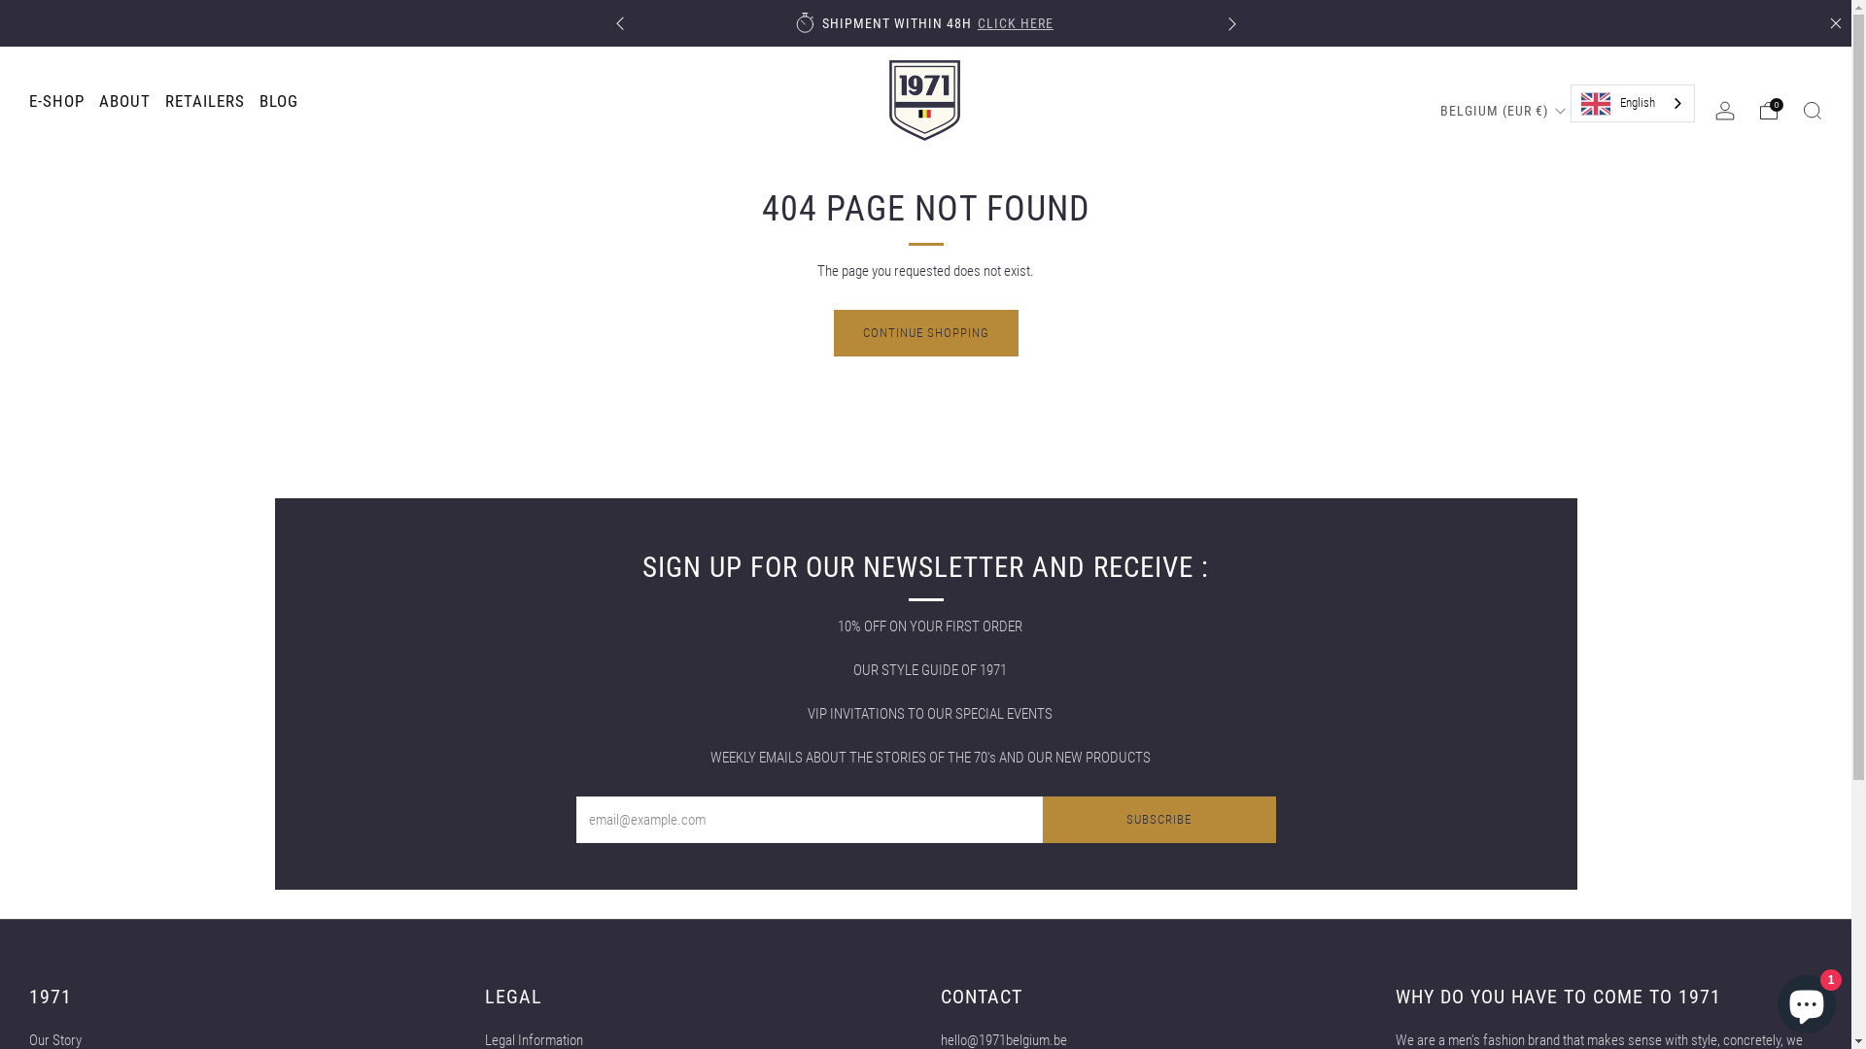 The height and width of the screenshot is (1049, 1866). I want to click on 'CONTINUE SHOPPING', so click(834, 332).